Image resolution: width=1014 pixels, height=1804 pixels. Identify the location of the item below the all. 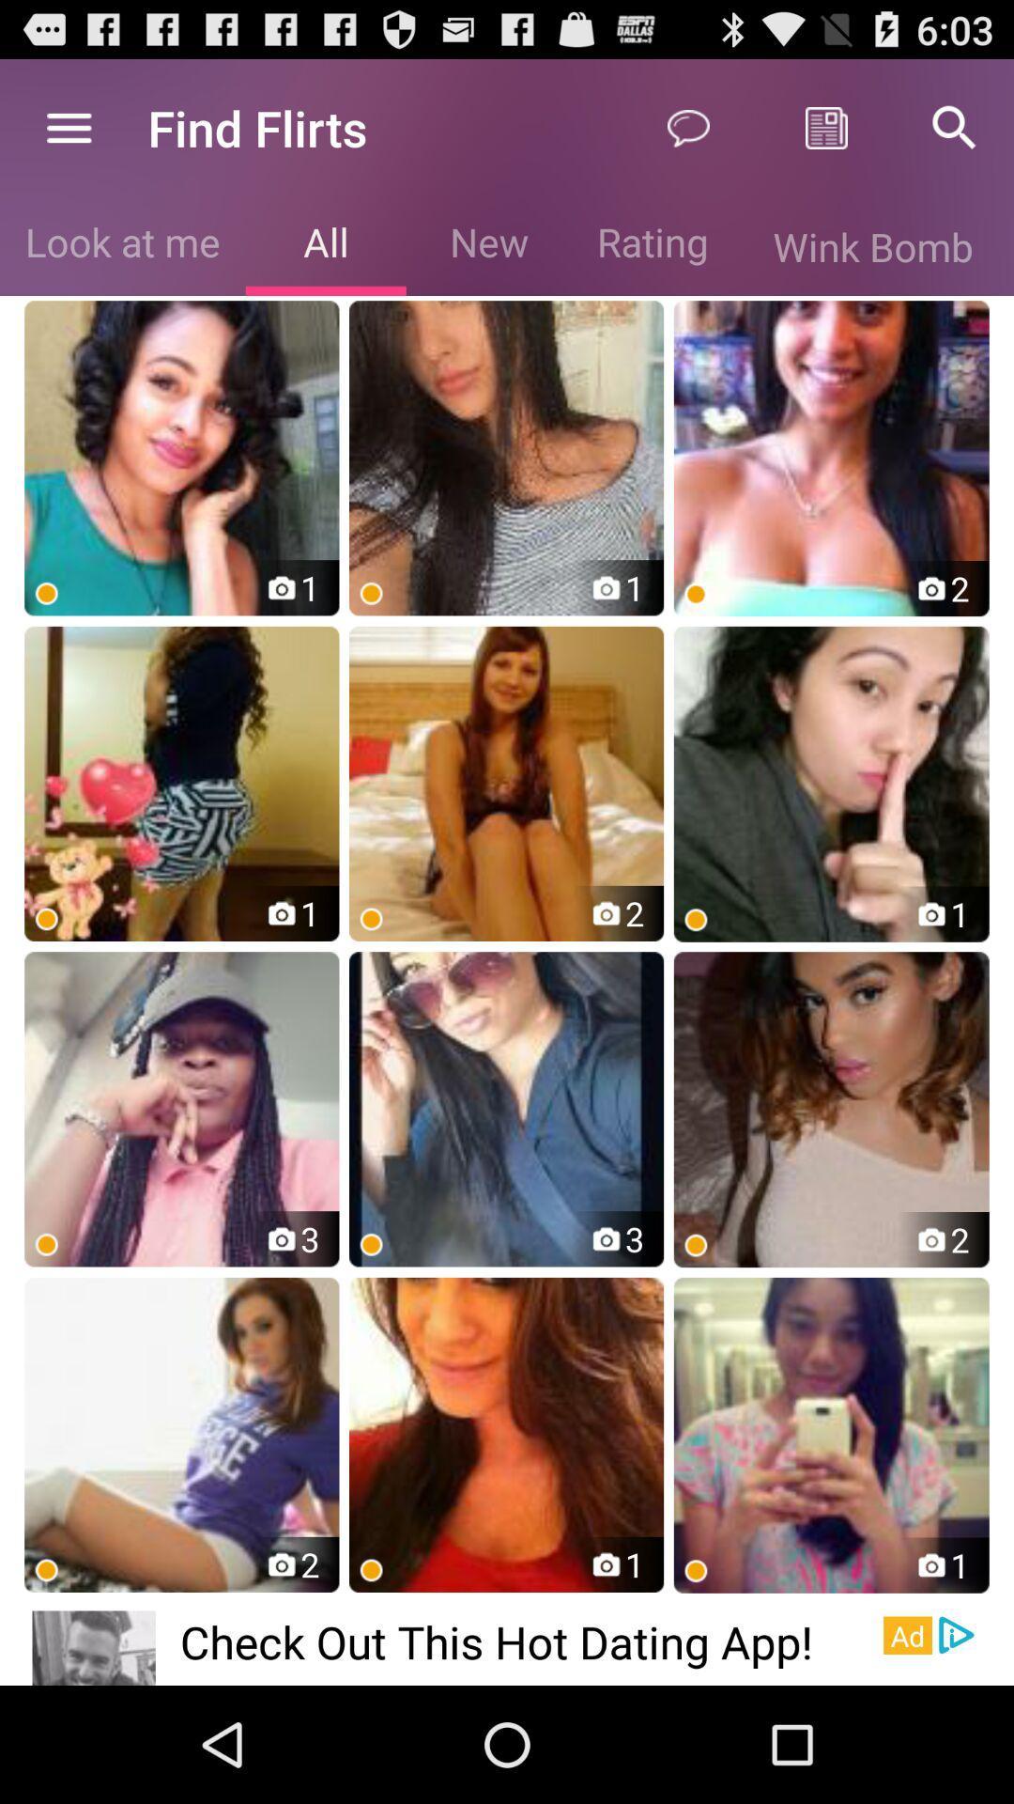
(505, 458).